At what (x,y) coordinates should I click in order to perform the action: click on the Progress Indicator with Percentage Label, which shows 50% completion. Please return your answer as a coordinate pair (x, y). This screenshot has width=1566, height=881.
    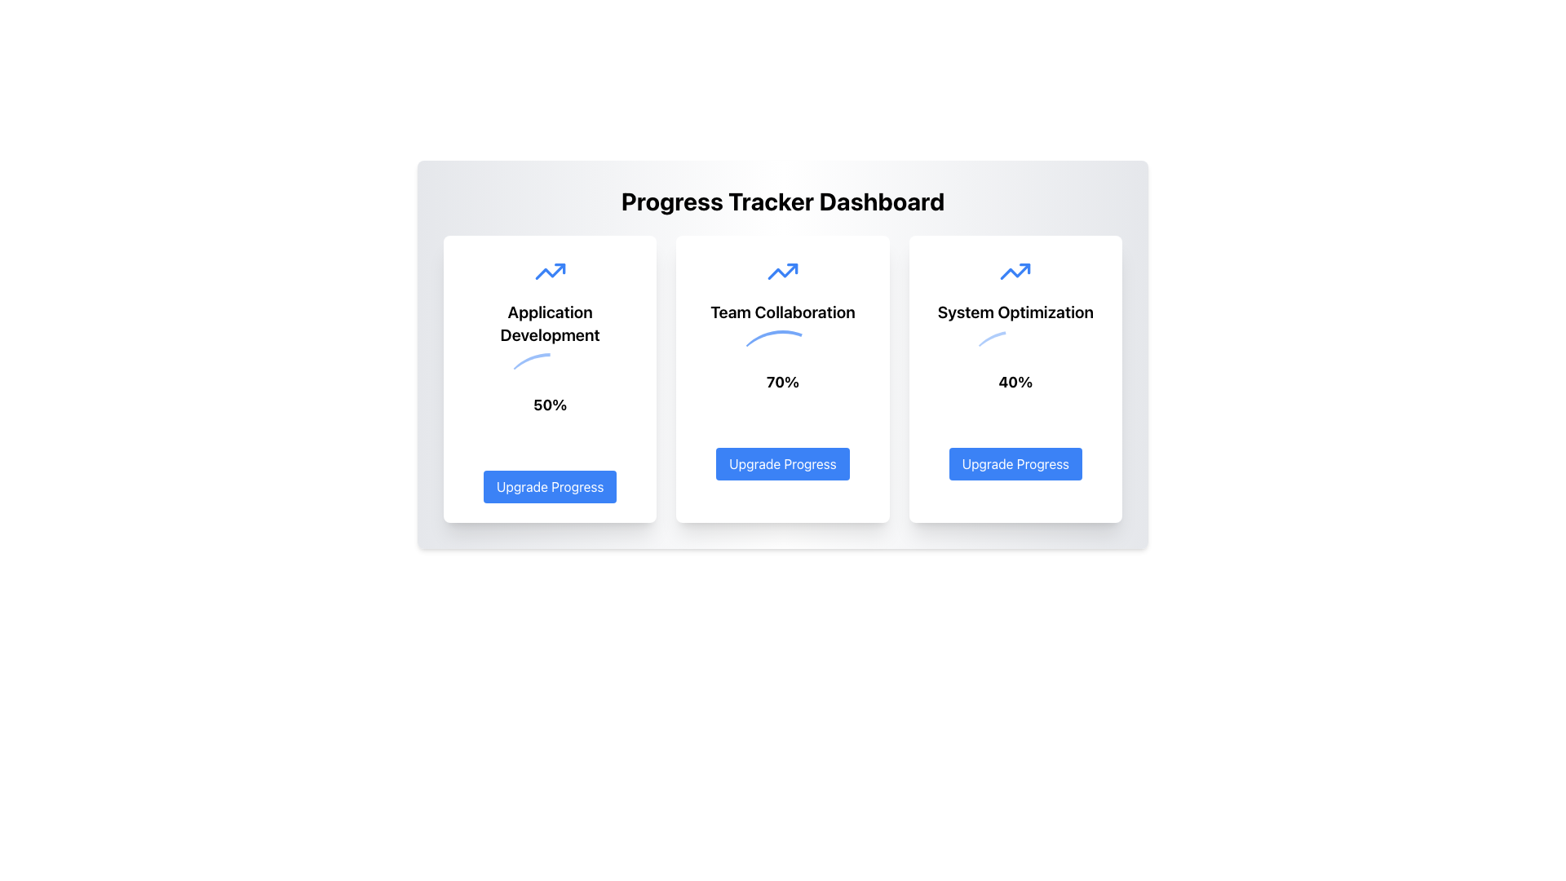
    Looking at the image, I should click on (550, 405).